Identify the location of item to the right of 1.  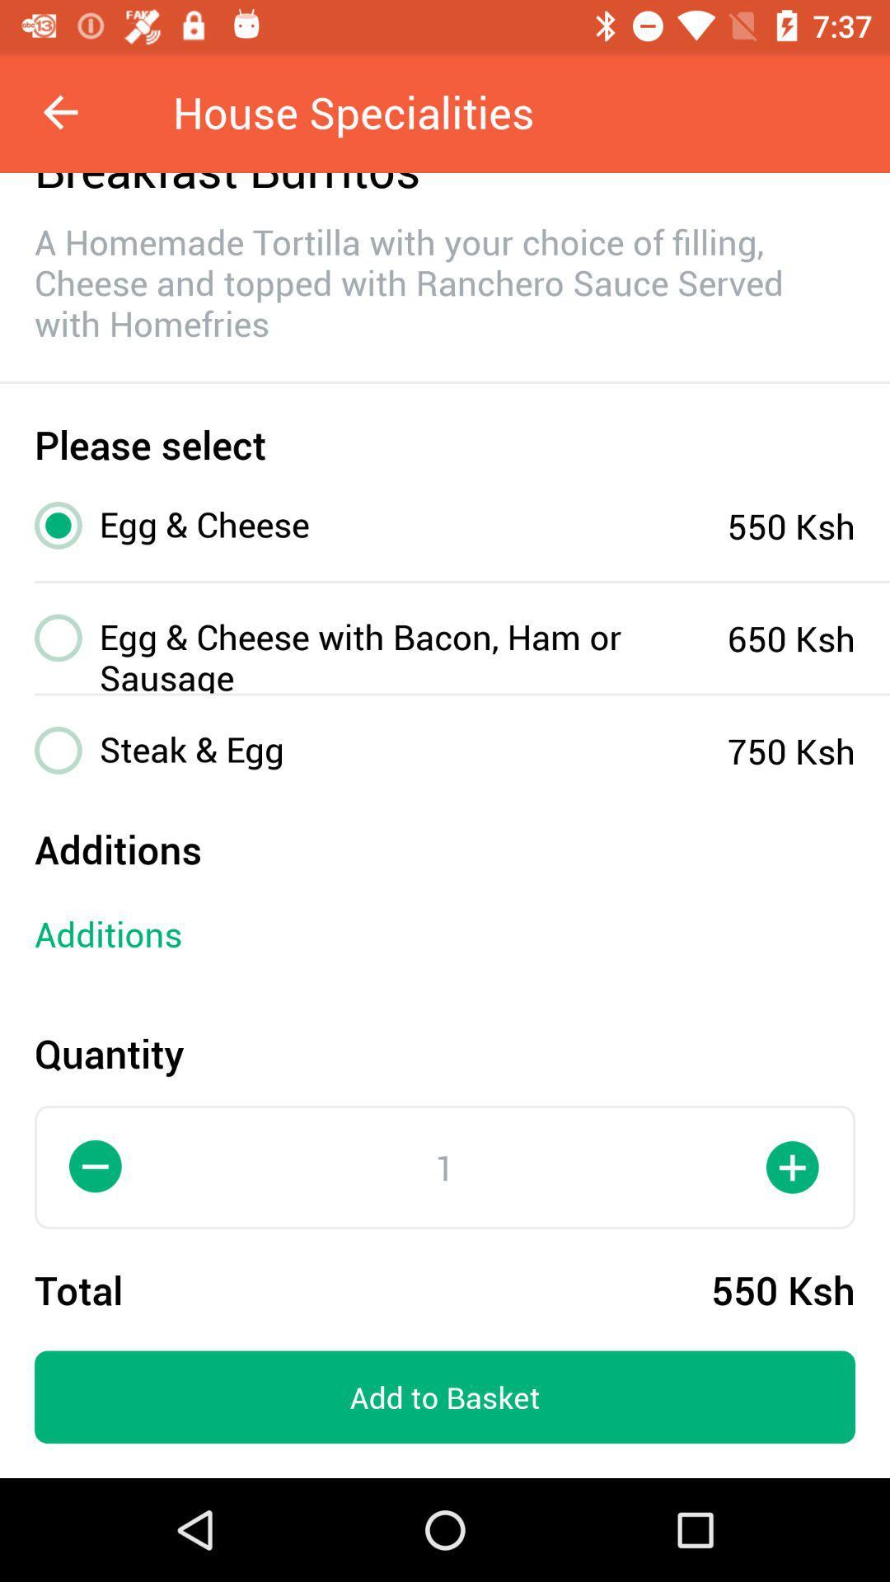
(793, 1166).